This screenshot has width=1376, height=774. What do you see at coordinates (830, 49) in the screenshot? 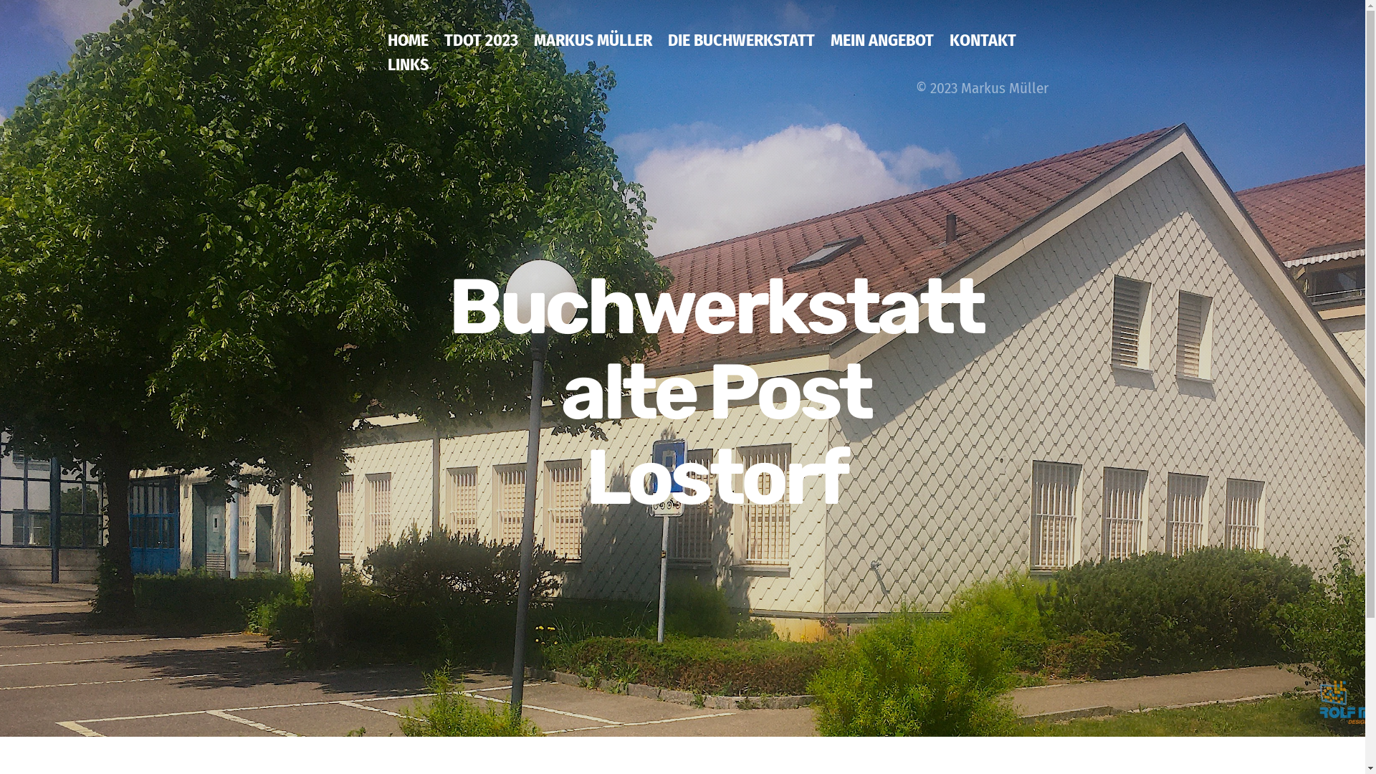
I see `'MEIN ANGEBOT'` at bounding box center [830, 49].